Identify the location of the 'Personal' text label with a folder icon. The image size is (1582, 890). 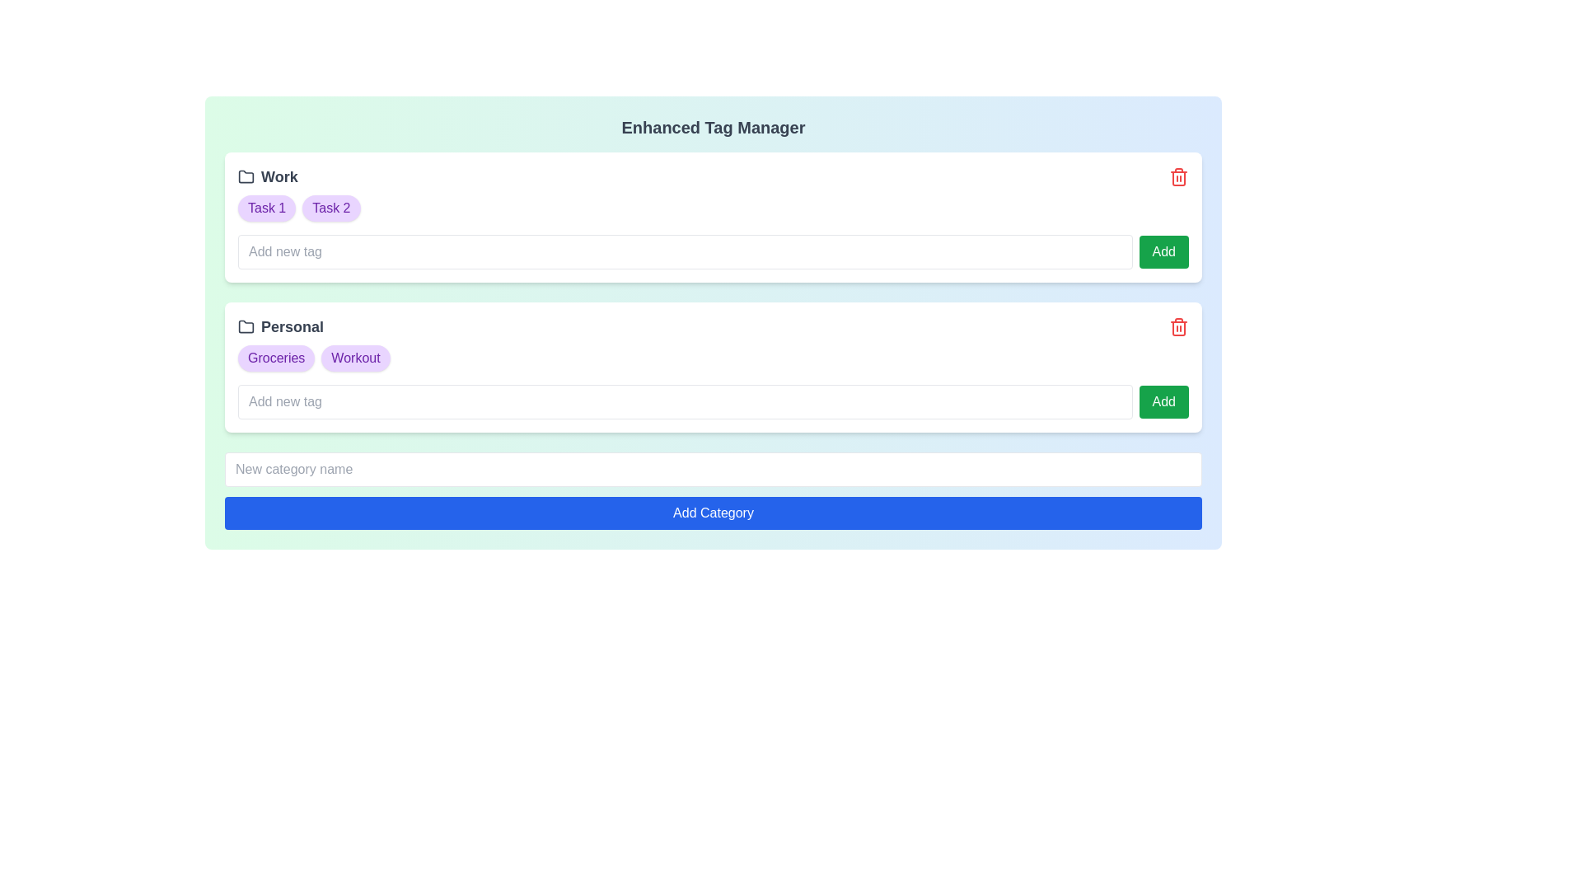
(280, 327).